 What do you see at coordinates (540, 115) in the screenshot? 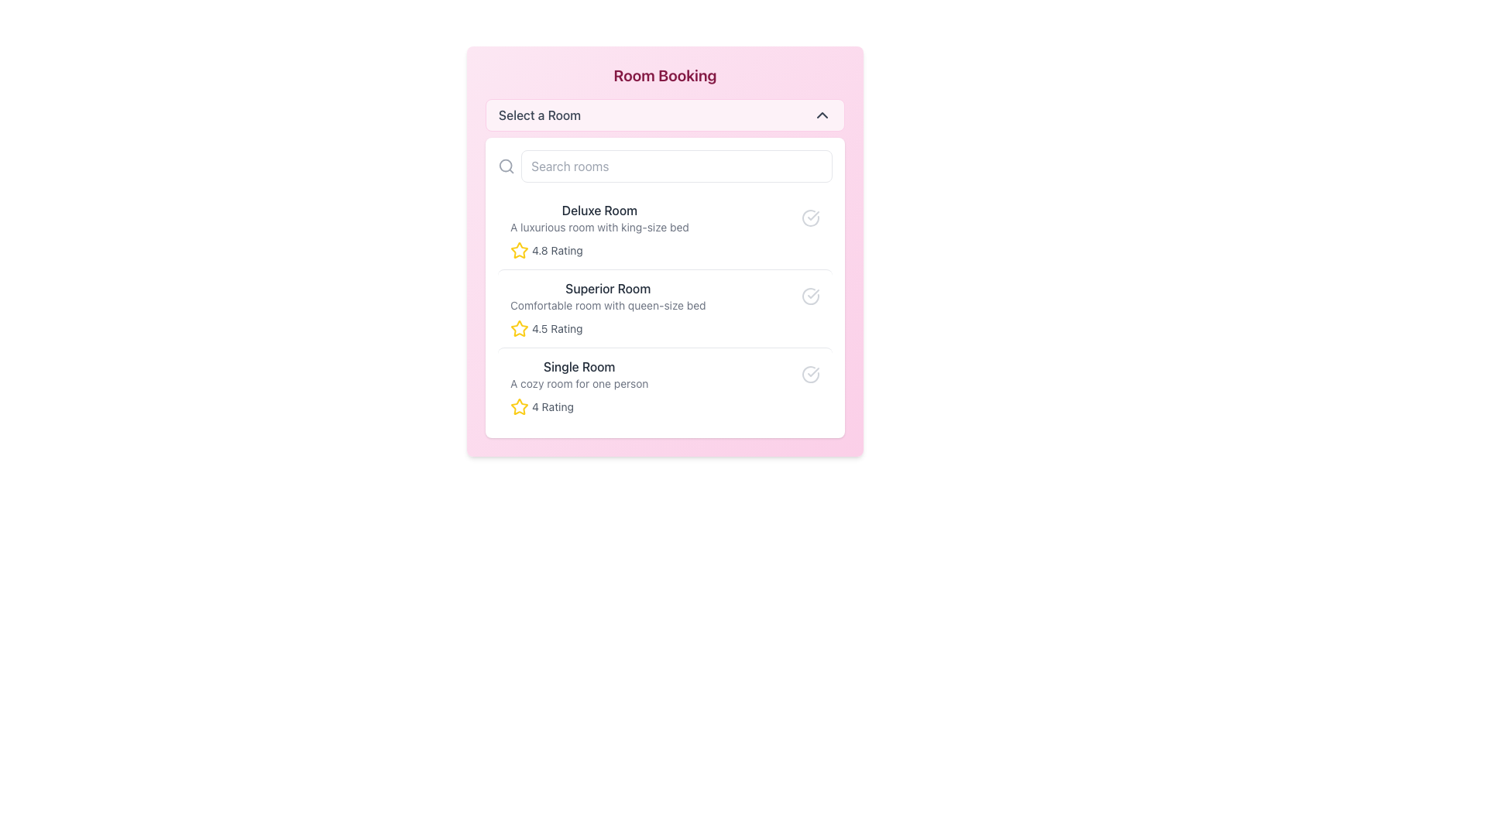
I see `the Text Label indicating to select a room, which is positioned to the left of the chevron-down icon in the pink header section of the 'Room Booking' card` at bounding box center [540, 115].